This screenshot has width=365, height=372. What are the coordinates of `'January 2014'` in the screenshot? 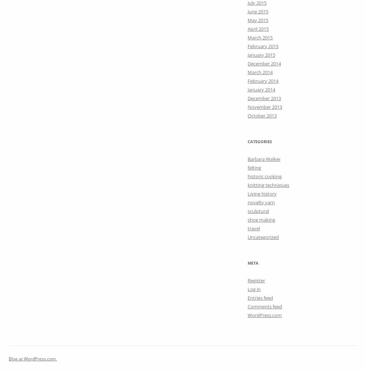 It's located at (248, 89).